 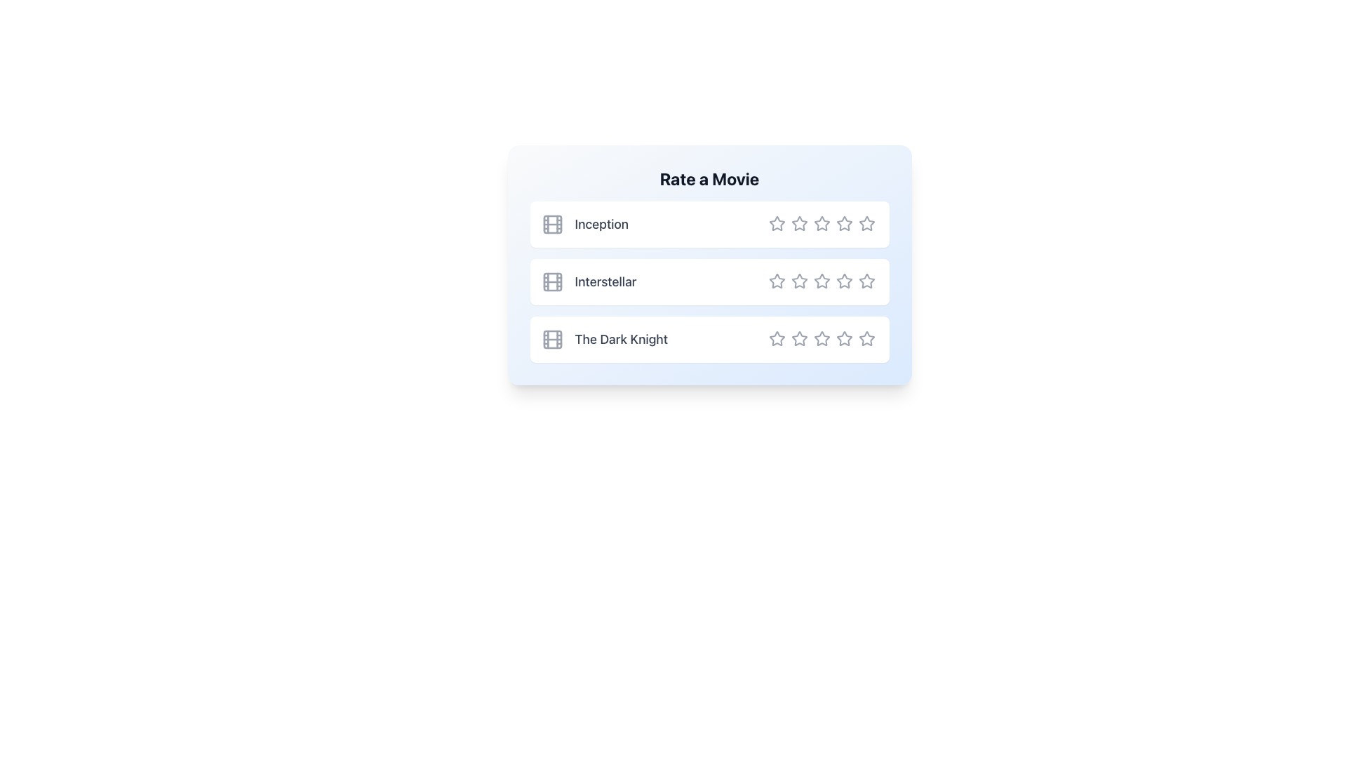 What do you see at coordinates (843, 281) in the screenshot?
I see `the fourth star-shaped Rating Star Icon in the rating module under the title 'Interstellar'` at bounding box center [843, 281].